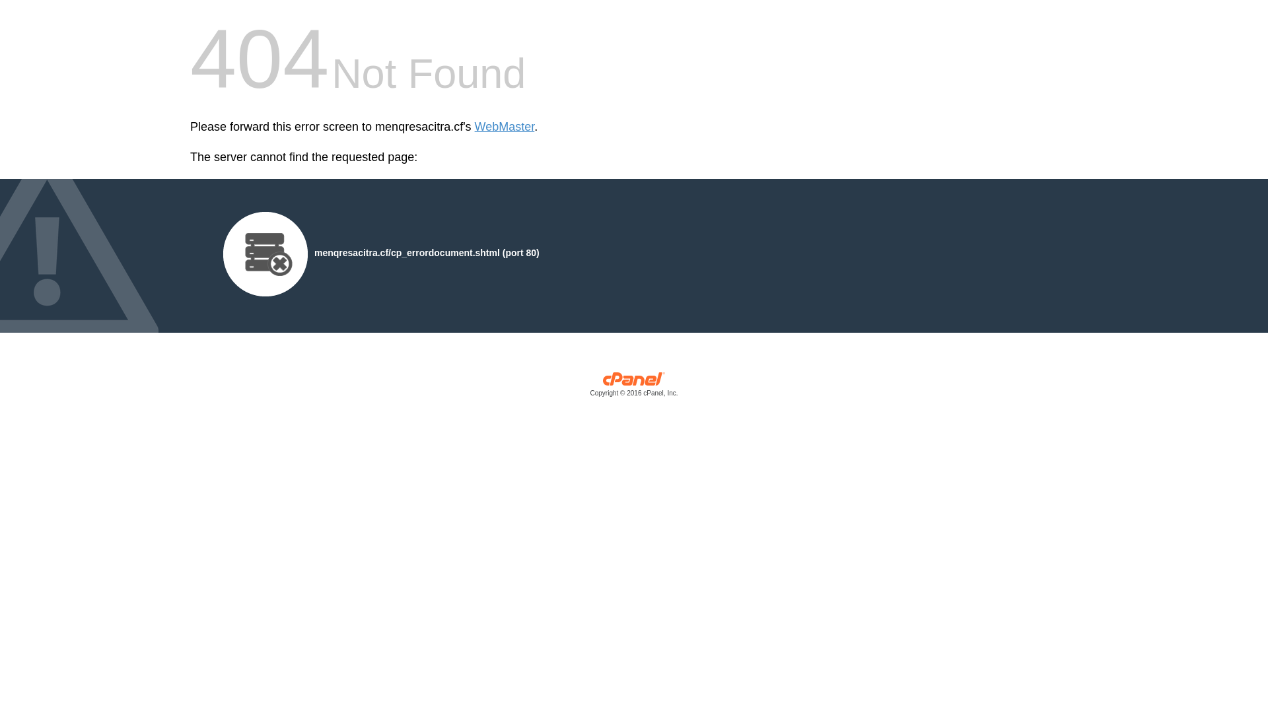 This screenshot has height=713, width=1268. What do you see at coordinates (475, 127) in the screenshot?
I see `'WebMaster'` at bounding box center [475, 127].